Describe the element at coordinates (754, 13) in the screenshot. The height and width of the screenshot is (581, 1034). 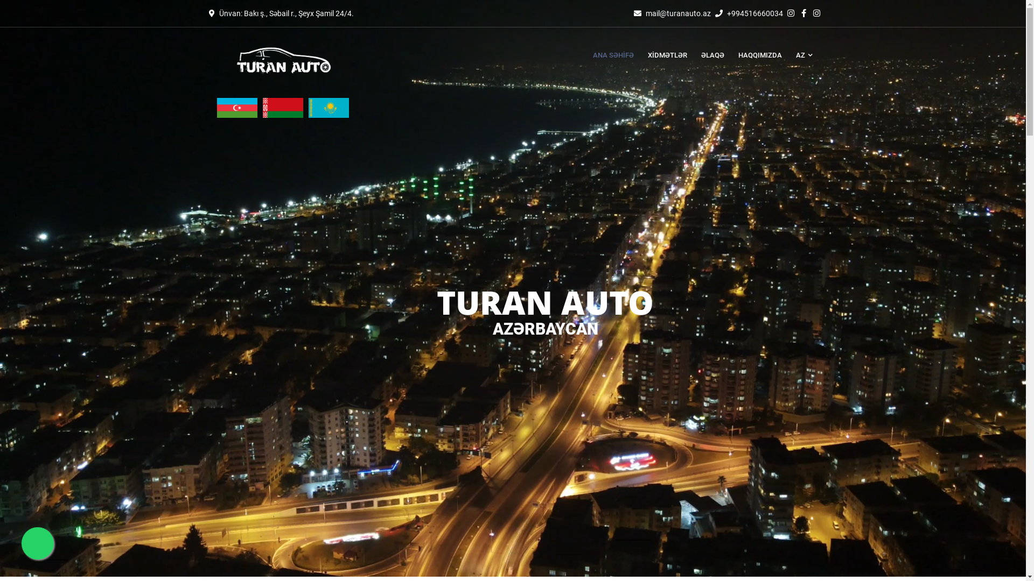
I see `'+994516660034'` at that location.